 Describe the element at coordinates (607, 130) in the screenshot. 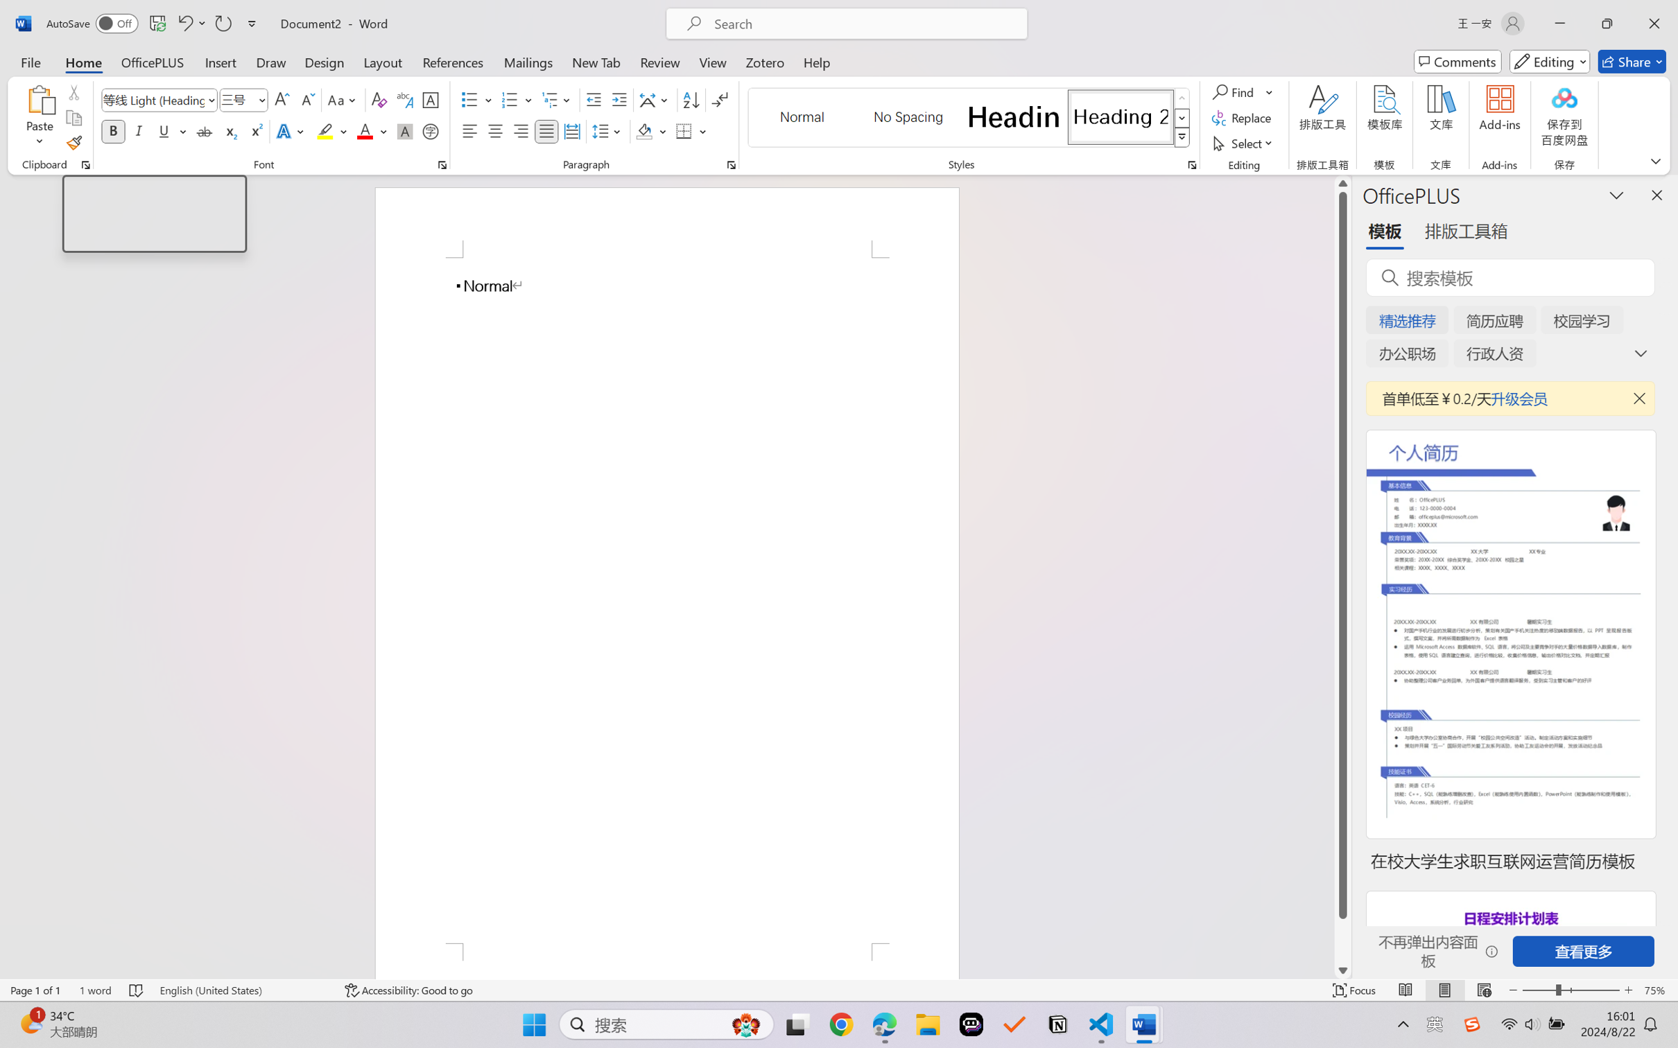

I see `'Line and Paragraph Spacing'` at that location.